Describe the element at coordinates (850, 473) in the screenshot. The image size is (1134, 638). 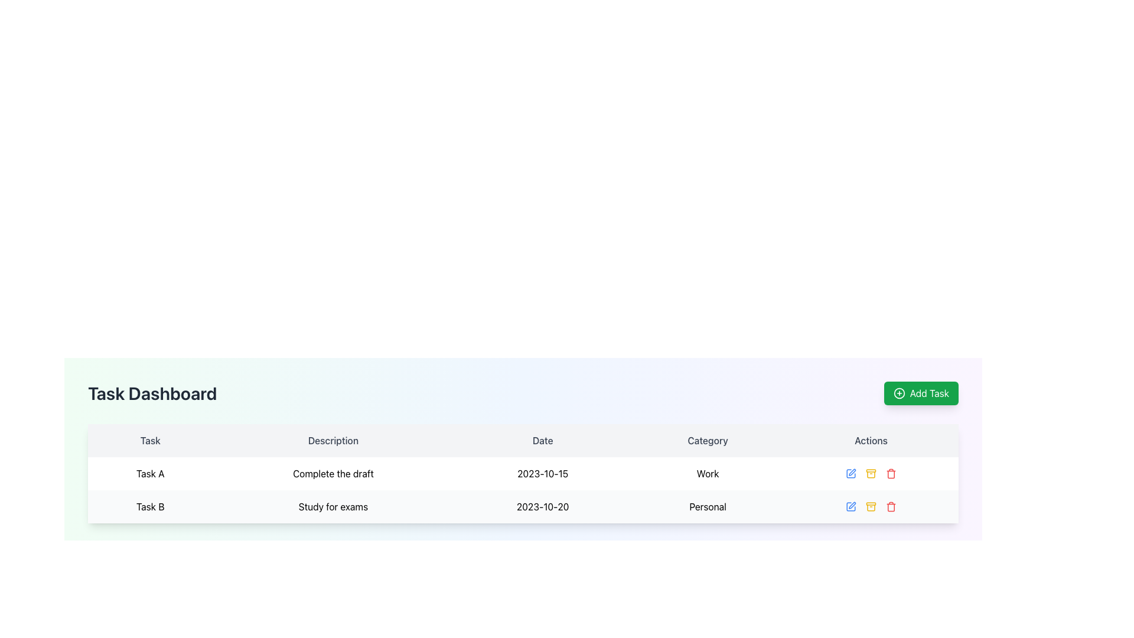
I see `the blue pen icon in the action bar located in the first row of the table` at that location.